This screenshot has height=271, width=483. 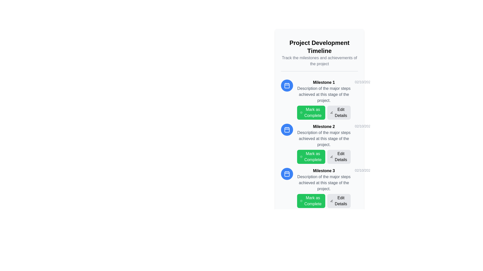 What do you see at coordinates (364, 82) in the screenshot?
I see `the date label displaying '02/10/2023', which is located on the right side of the first milestone details in the timeline` at bounding box center [364, 82].